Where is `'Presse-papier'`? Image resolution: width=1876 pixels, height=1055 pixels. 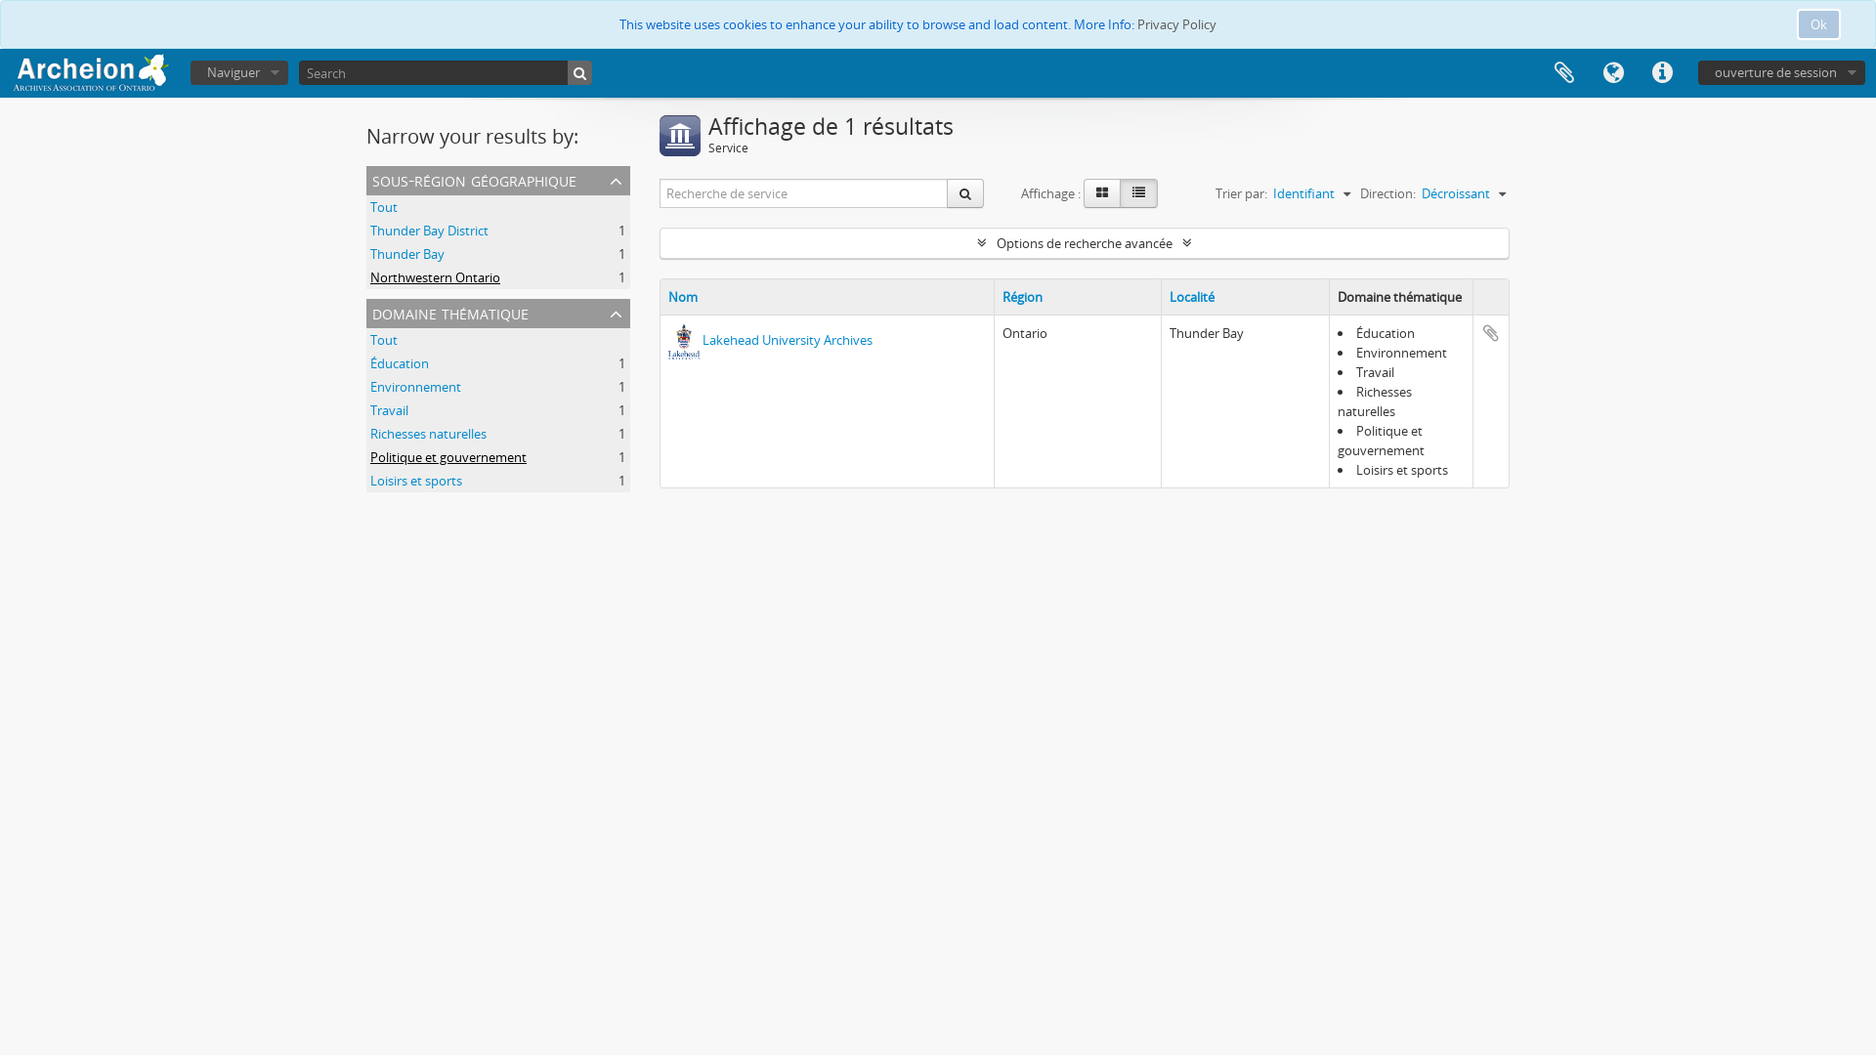 'Presse-papier' is located at coordinates (1564, 71).